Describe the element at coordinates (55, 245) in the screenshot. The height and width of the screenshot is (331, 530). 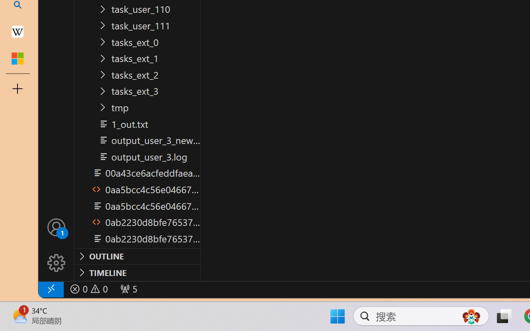
I see `'Manage'` at that location.